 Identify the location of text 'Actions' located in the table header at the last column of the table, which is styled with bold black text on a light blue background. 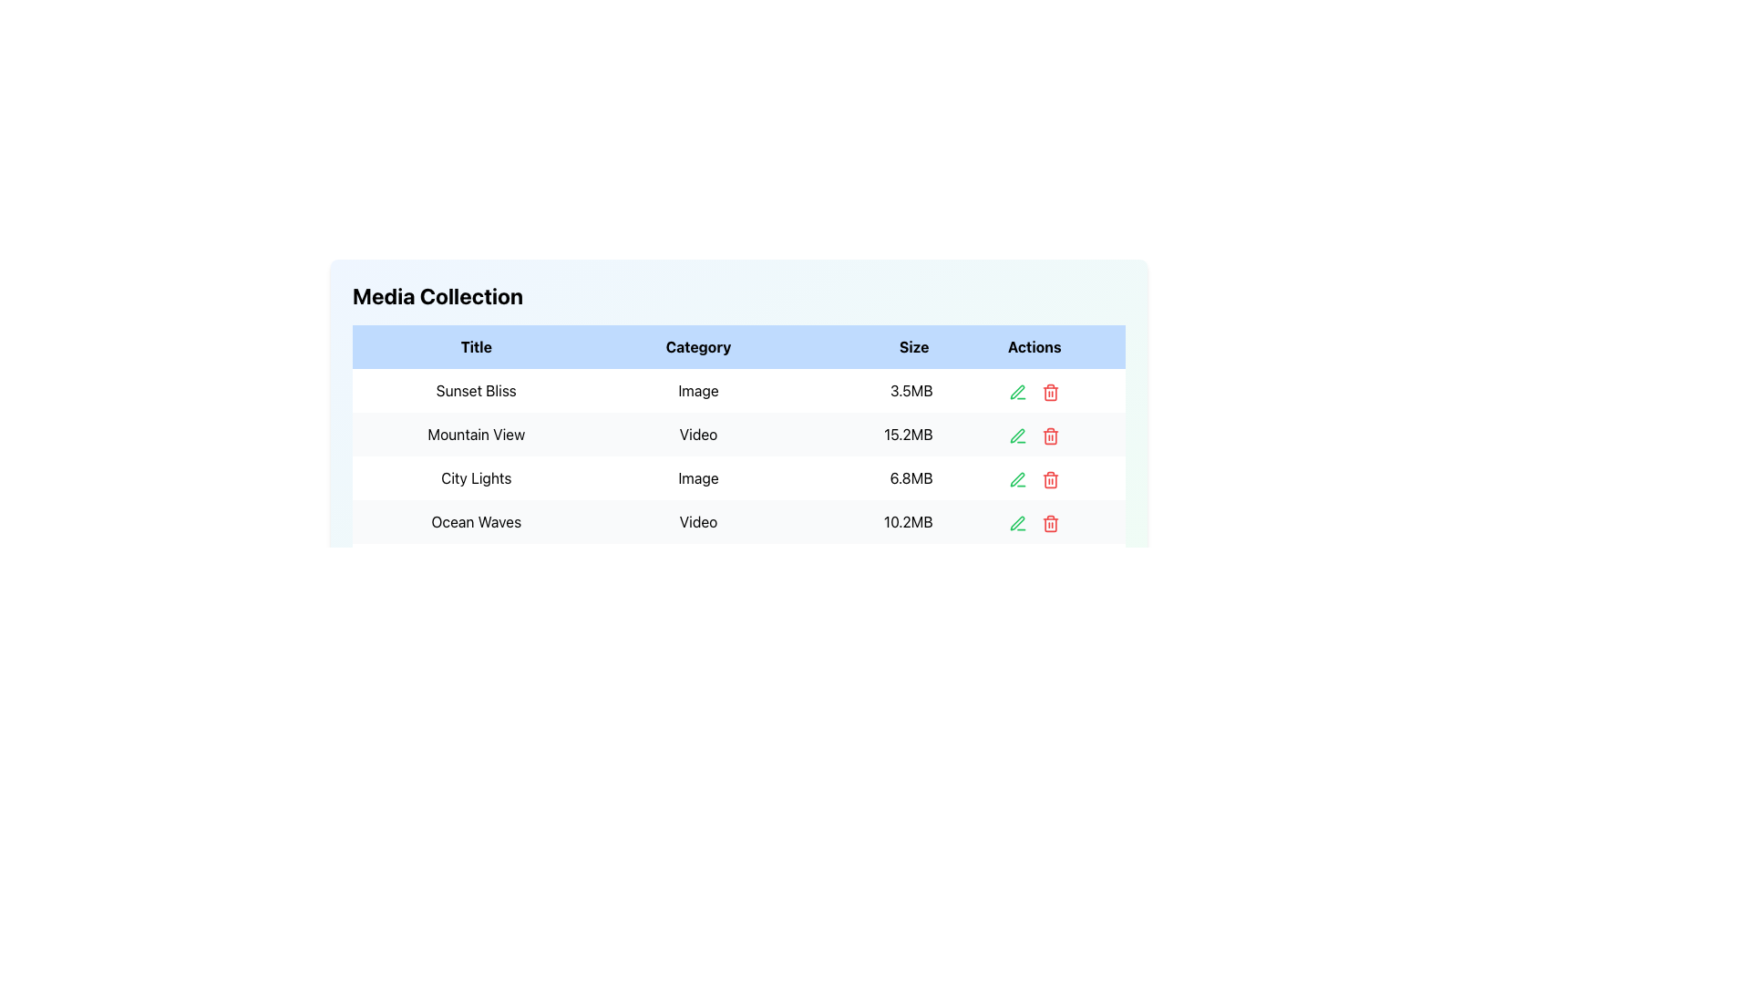
(1035, 347).